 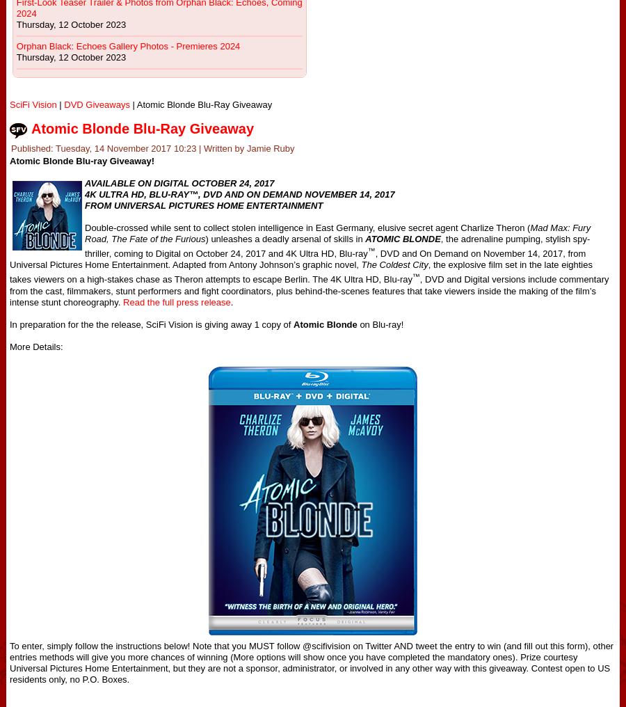 I want to click on 'SciFi Vision', so click(x=32, y=104).